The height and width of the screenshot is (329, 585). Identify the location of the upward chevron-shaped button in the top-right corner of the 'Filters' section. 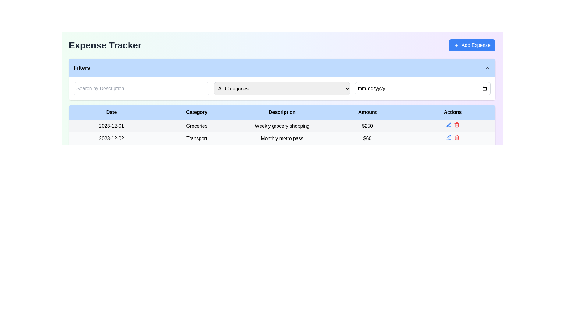
(487, 68).